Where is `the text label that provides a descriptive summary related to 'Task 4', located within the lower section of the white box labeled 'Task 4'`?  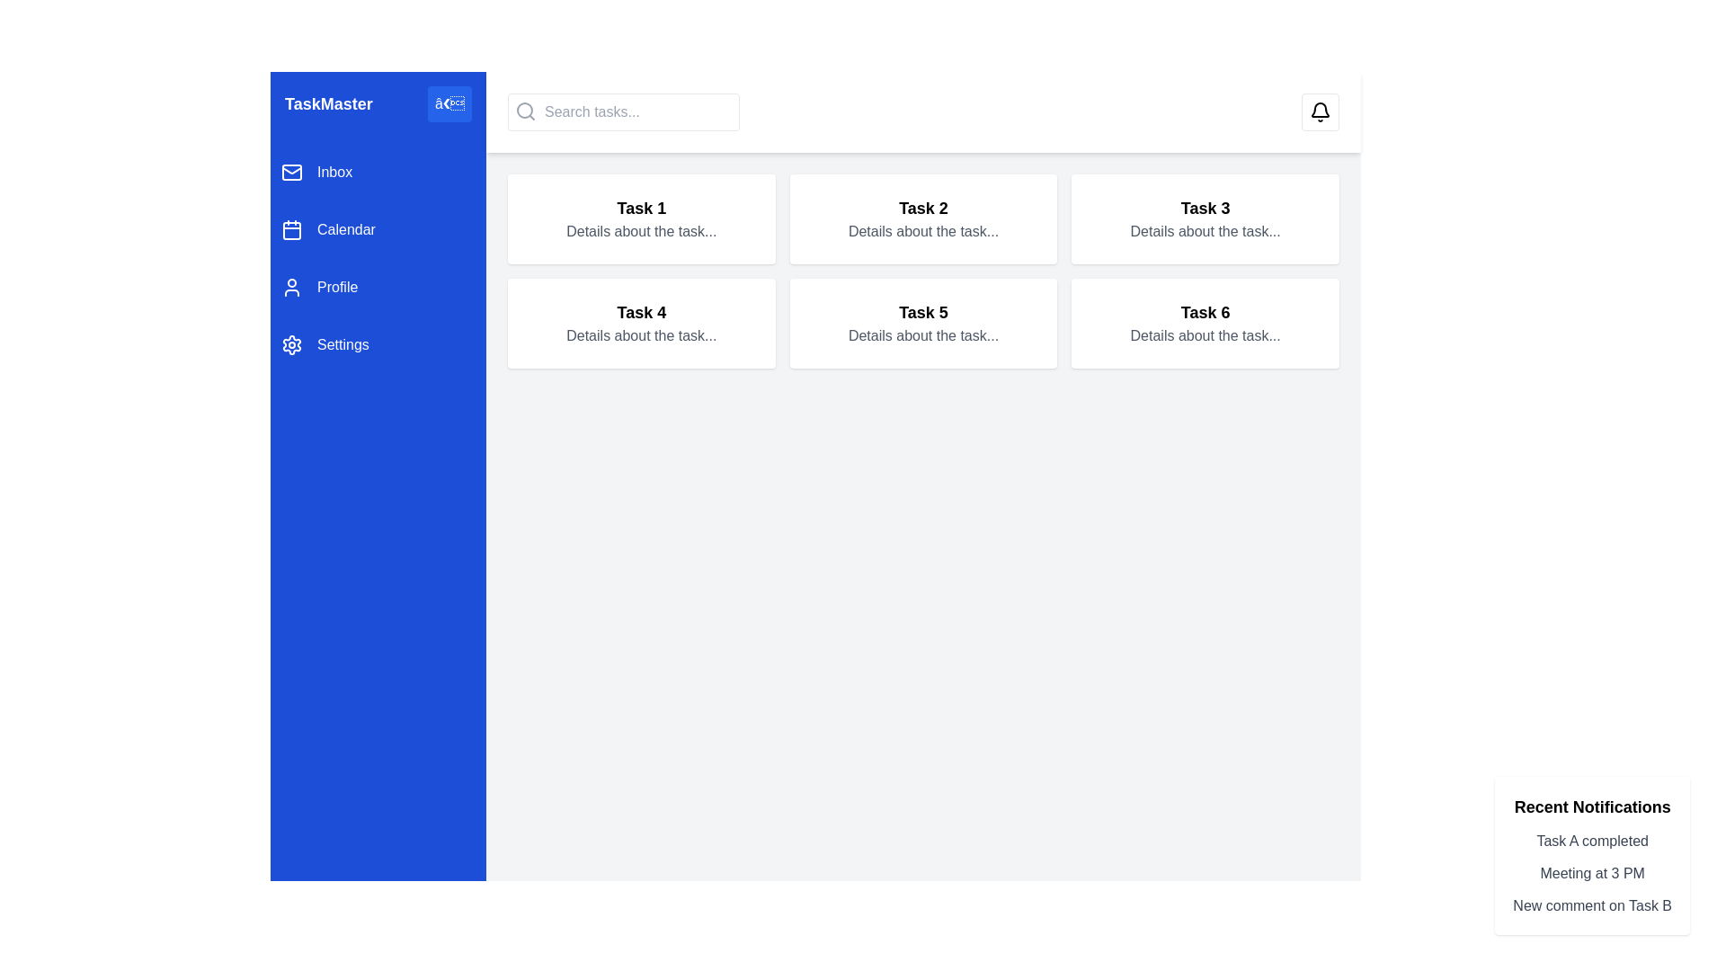 the text label that provides a descriptive summary related to 'Task 4', located within the lower section of the white box labeled 'Task 4' is located at coordinates (641, 336).